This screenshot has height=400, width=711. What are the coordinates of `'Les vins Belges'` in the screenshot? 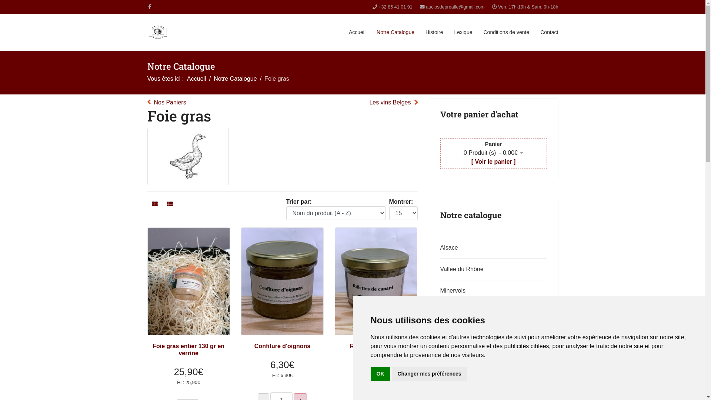 It's located at (393, 103).